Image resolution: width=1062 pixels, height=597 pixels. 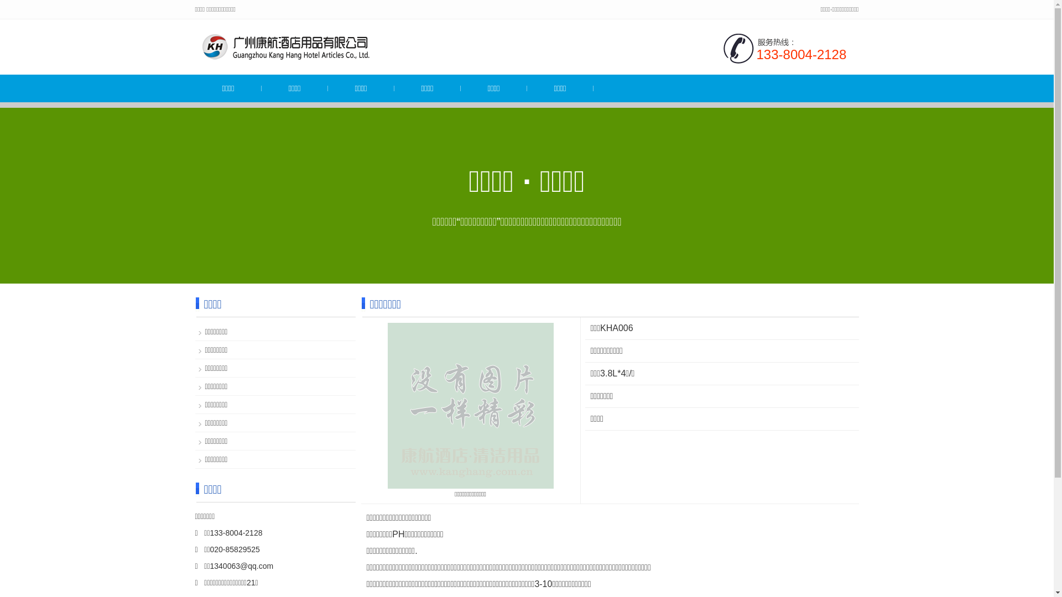 I want to click on '133-8004-2128', so click(x=801, y=54).